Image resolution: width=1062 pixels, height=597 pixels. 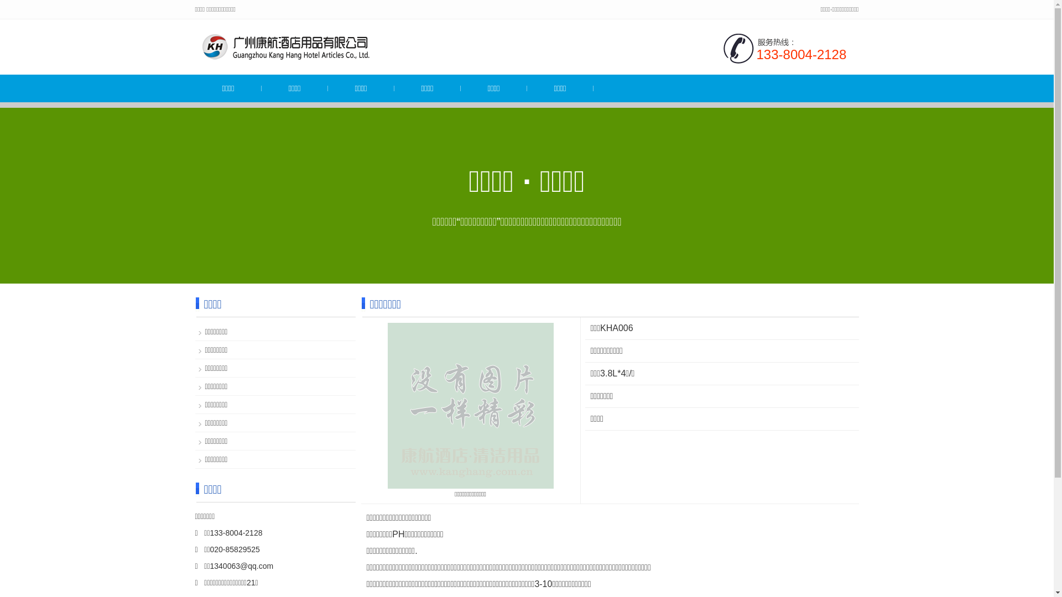 I want to click on '133-8004-2128', so click(x=801, y=54).